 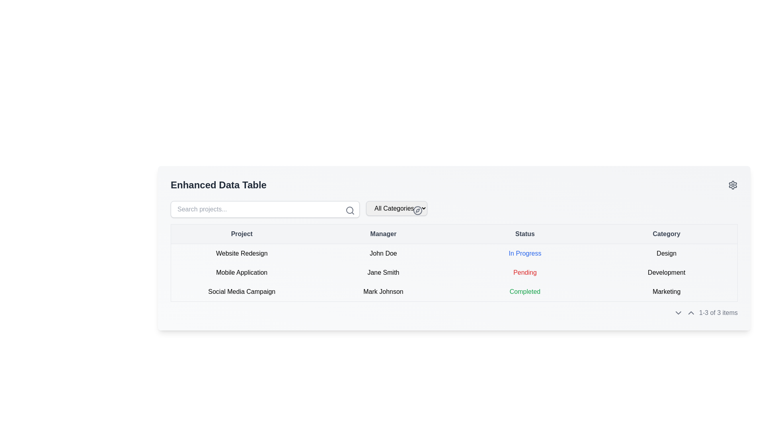 What do you see at coordinates (733, 185) in the screenshot?
I see `the settings icon button located at the top right corner of the 'Enhanced Data Table'` at bounding box center [733, 185].